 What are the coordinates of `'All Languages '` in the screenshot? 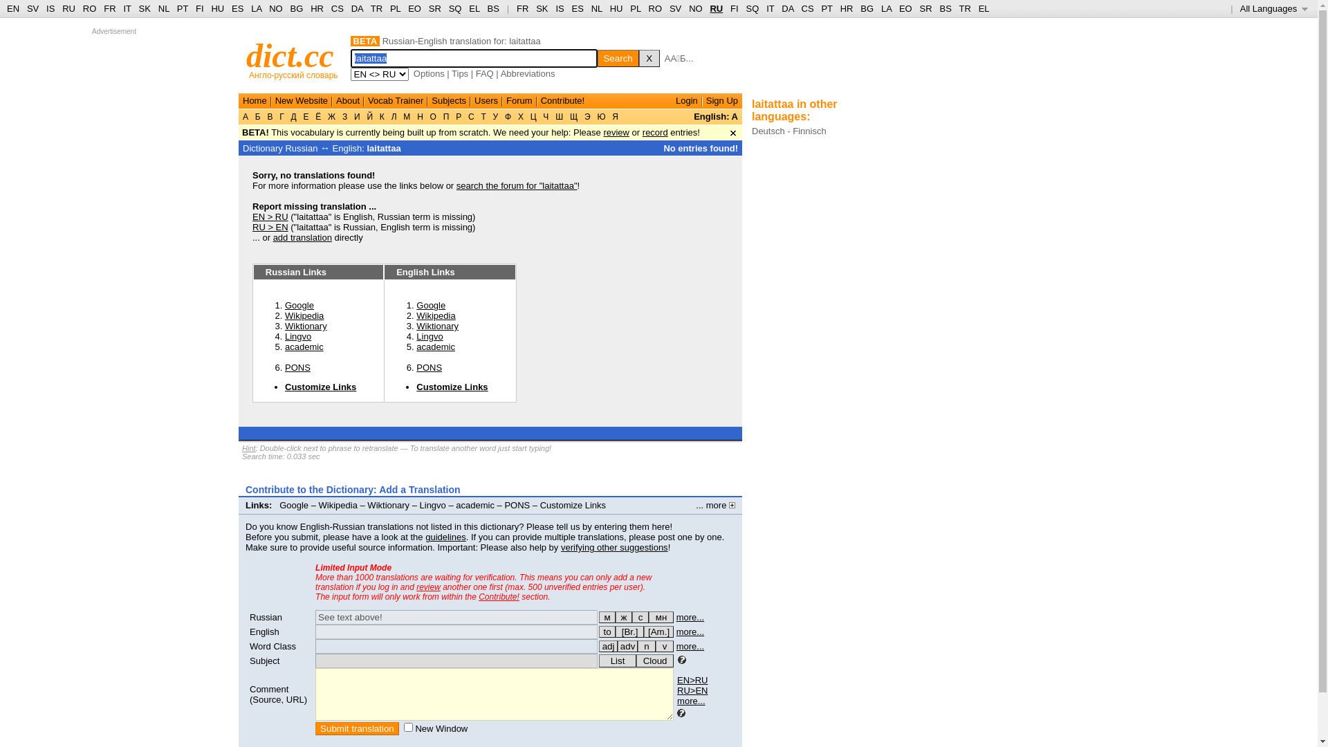 It's located at (1273, 8).